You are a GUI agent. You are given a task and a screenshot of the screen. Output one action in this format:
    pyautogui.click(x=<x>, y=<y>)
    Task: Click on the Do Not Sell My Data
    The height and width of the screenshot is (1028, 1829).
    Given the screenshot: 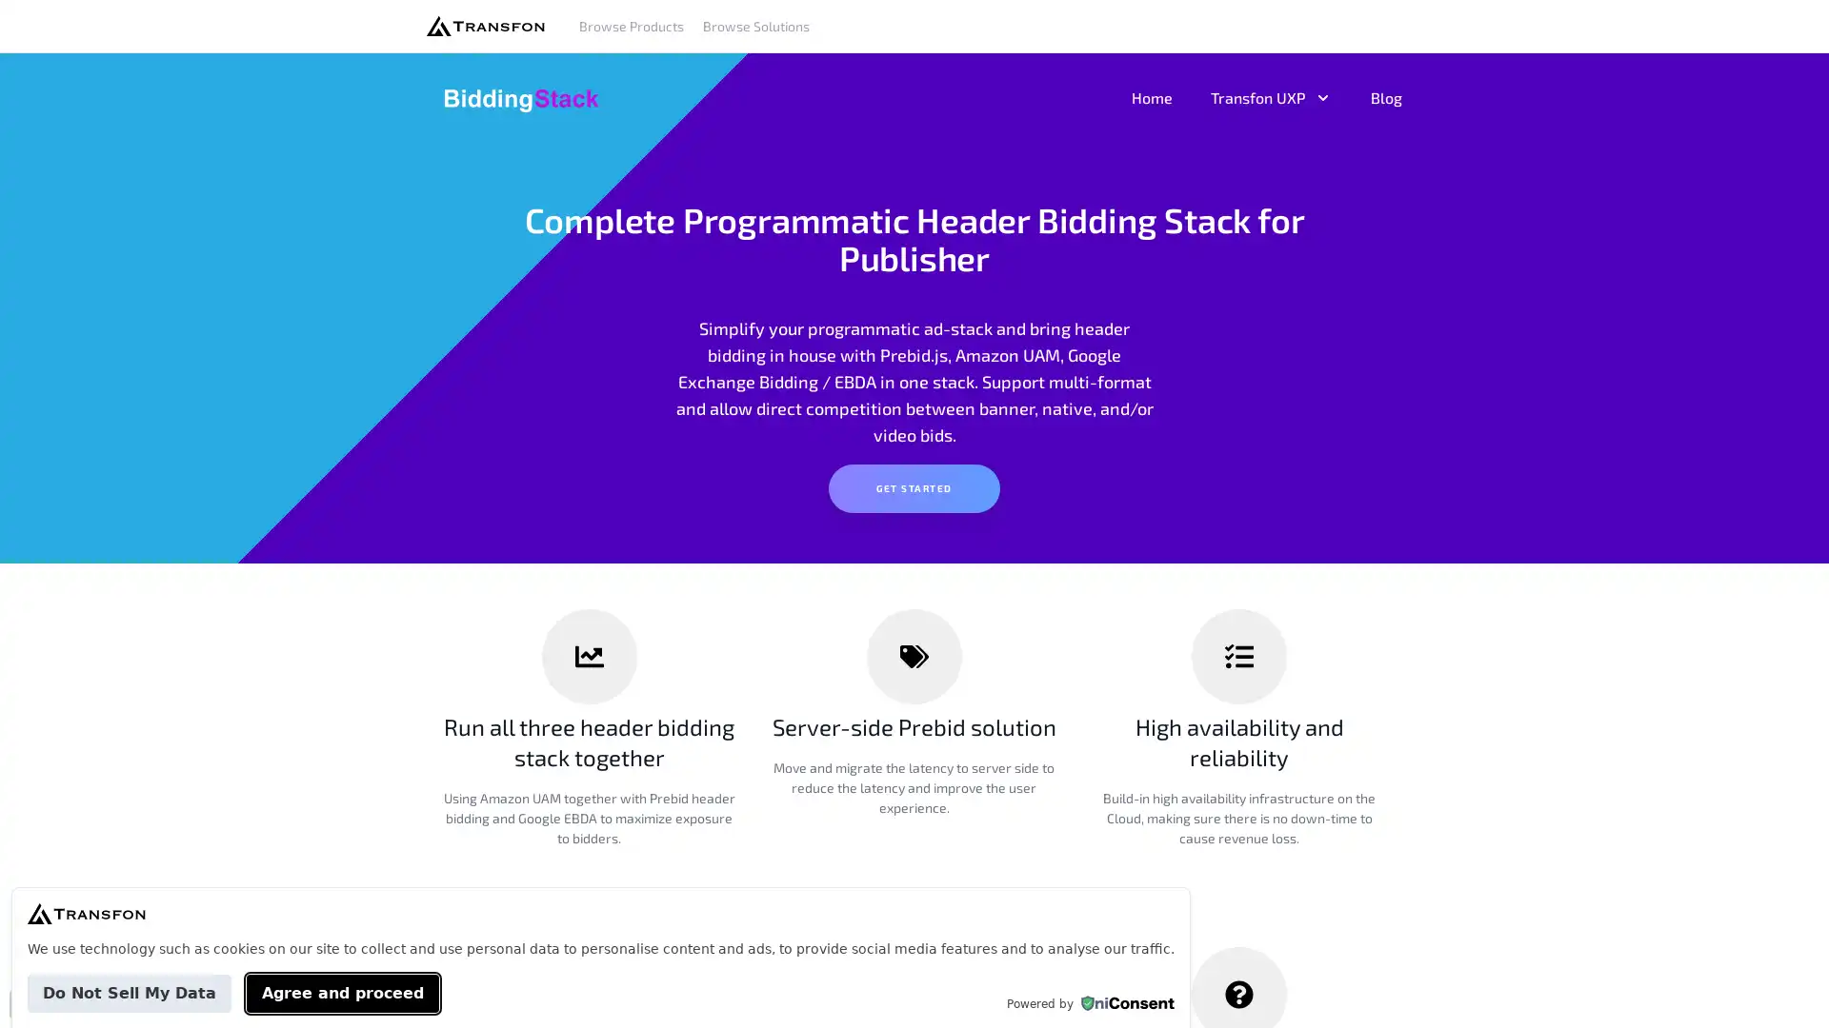 What is the action you would take?
    pyautogui.click(x=128, y=993)
    